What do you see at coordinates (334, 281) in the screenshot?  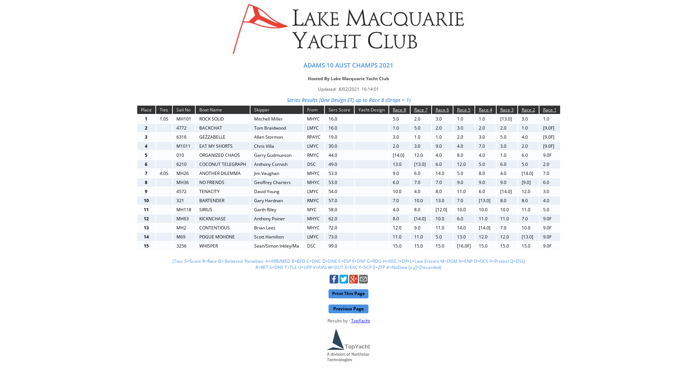 I see `'Share on Facebook'` at bounding box center [334, 281].